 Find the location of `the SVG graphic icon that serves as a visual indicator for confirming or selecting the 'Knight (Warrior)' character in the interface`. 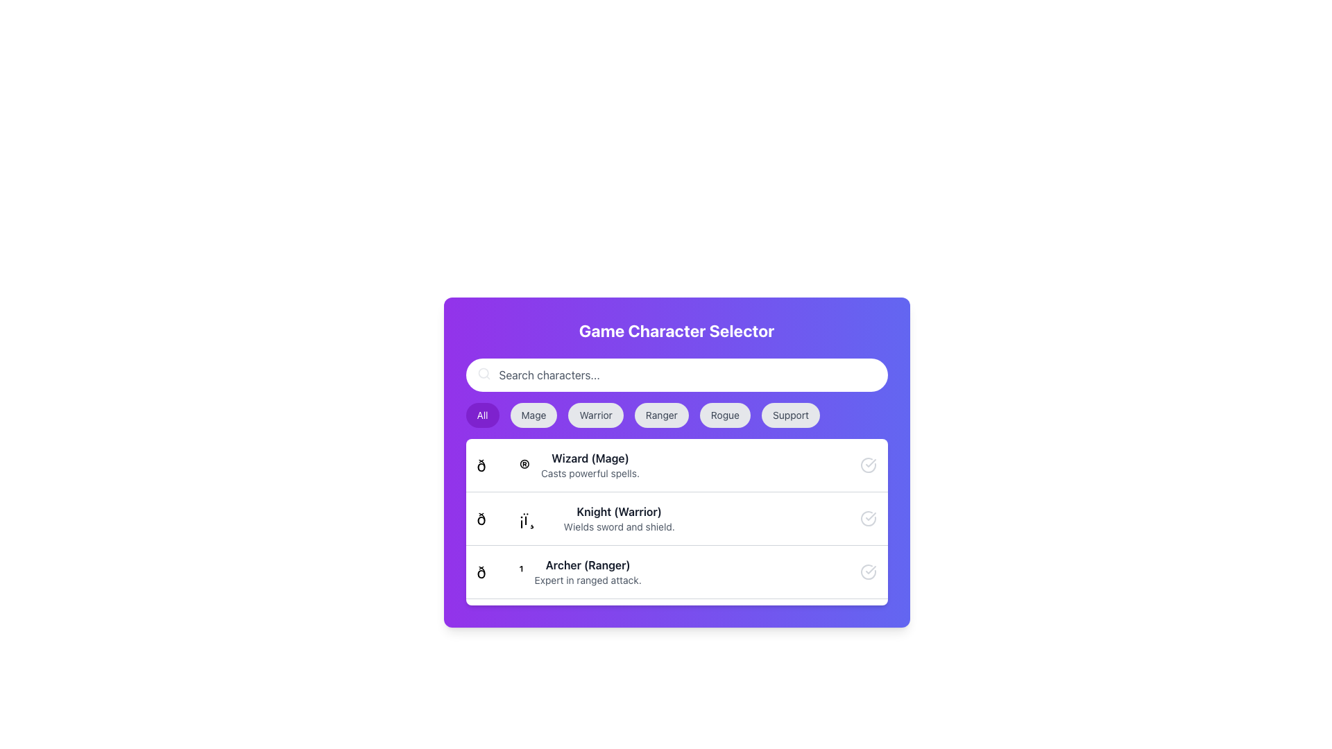

the SVG graphic icon that serves as a visual indicator for confirming or selecting the 'Knight (Warrior)' character in the interface is located at coordinates (869, 516).